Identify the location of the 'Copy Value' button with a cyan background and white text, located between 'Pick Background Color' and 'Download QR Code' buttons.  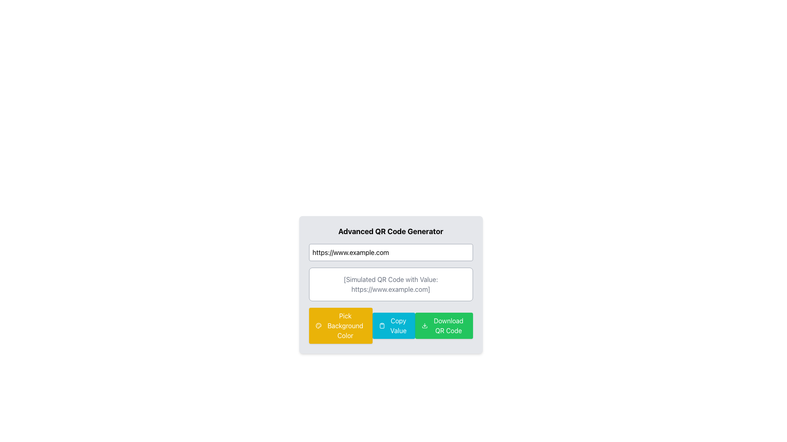
(393, 325).